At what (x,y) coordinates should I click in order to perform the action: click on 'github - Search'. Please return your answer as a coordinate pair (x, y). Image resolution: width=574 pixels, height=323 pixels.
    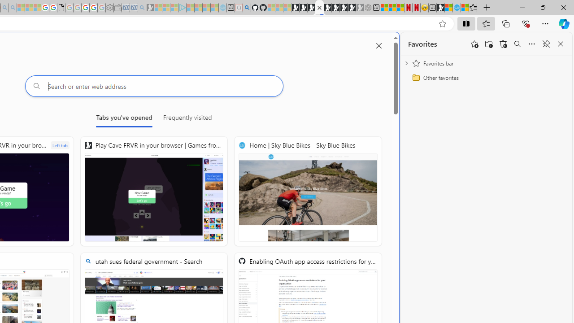
    Looking at the image, I should click on (247, 8).